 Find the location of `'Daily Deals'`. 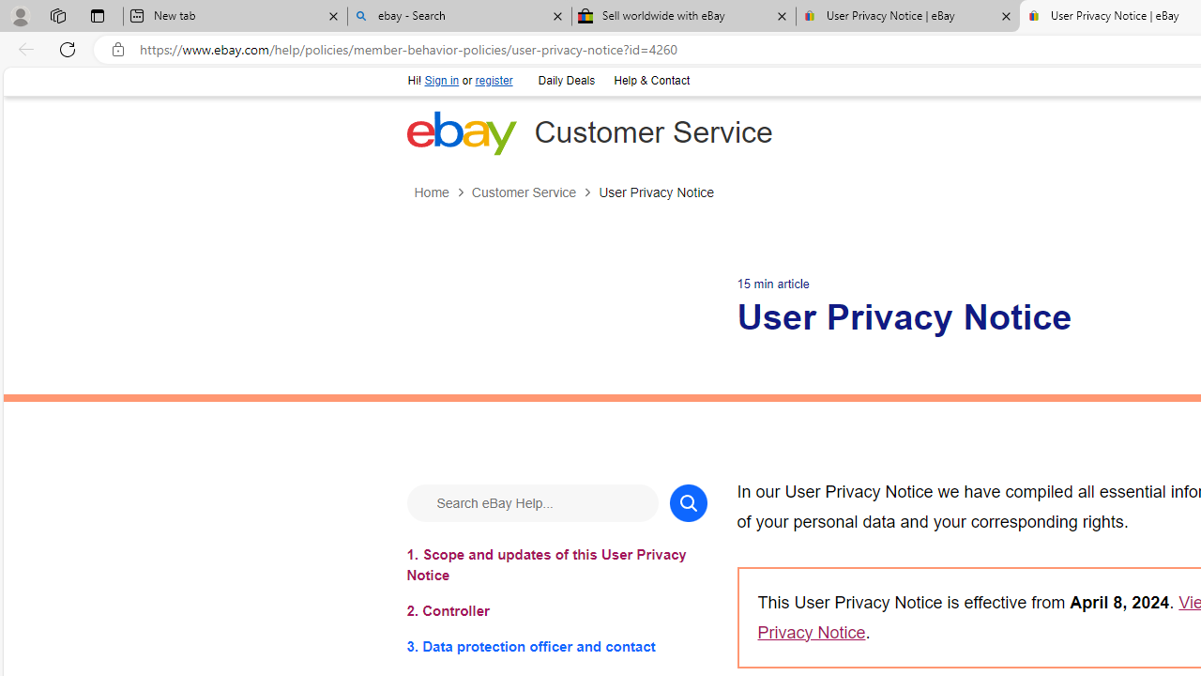

'Daily Deals' is located at coordinates (566, 81).